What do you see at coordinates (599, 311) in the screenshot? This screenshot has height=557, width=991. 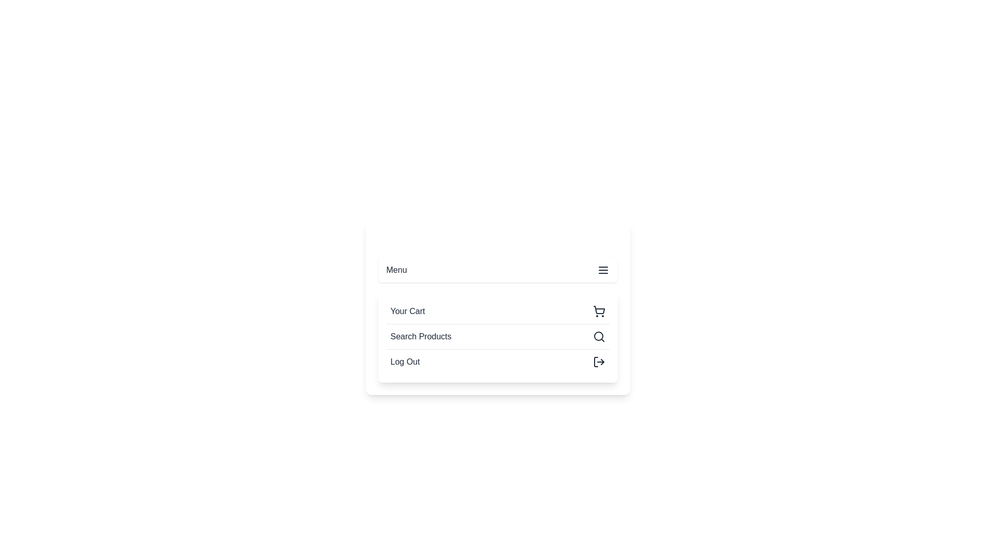 I see `the cart icon element located to the far right of the 'Your Cart' text` at bounding box center [599, 311].